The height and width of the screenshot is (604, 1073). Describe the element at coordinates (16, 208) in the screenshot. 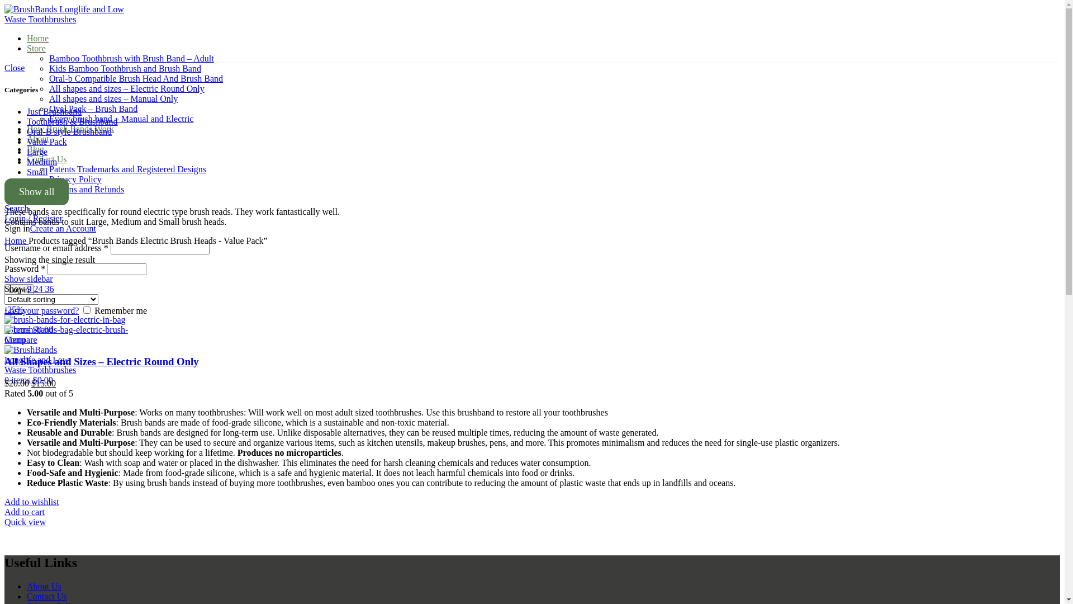

I see `'Search'` at that location.